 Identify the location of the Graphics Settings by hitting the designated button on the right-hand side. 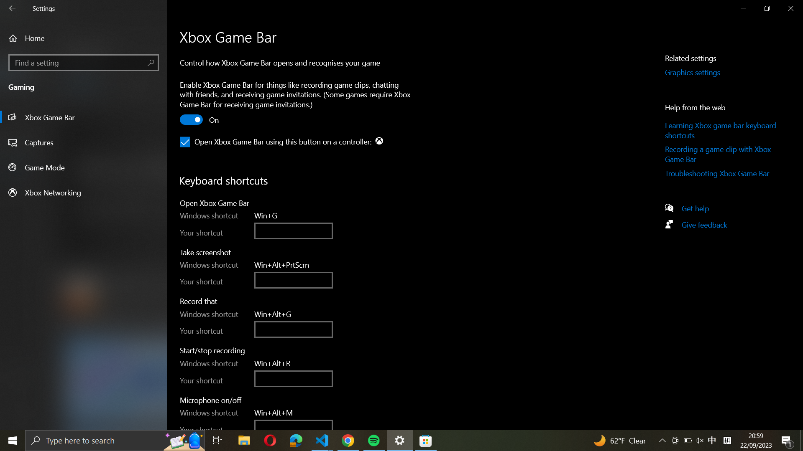
(702, 72).